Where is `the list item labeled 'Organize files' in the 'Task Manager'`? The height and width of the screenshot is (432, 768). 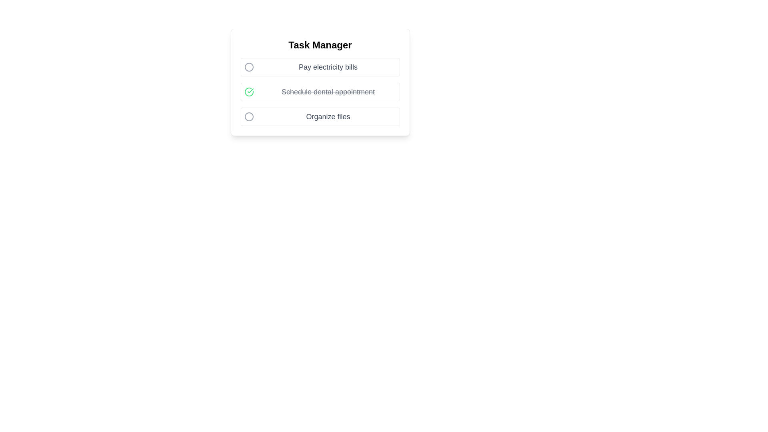
the list item labeled 'Organize files' in the 'Task Manager' is located at coordinates (320, 117).